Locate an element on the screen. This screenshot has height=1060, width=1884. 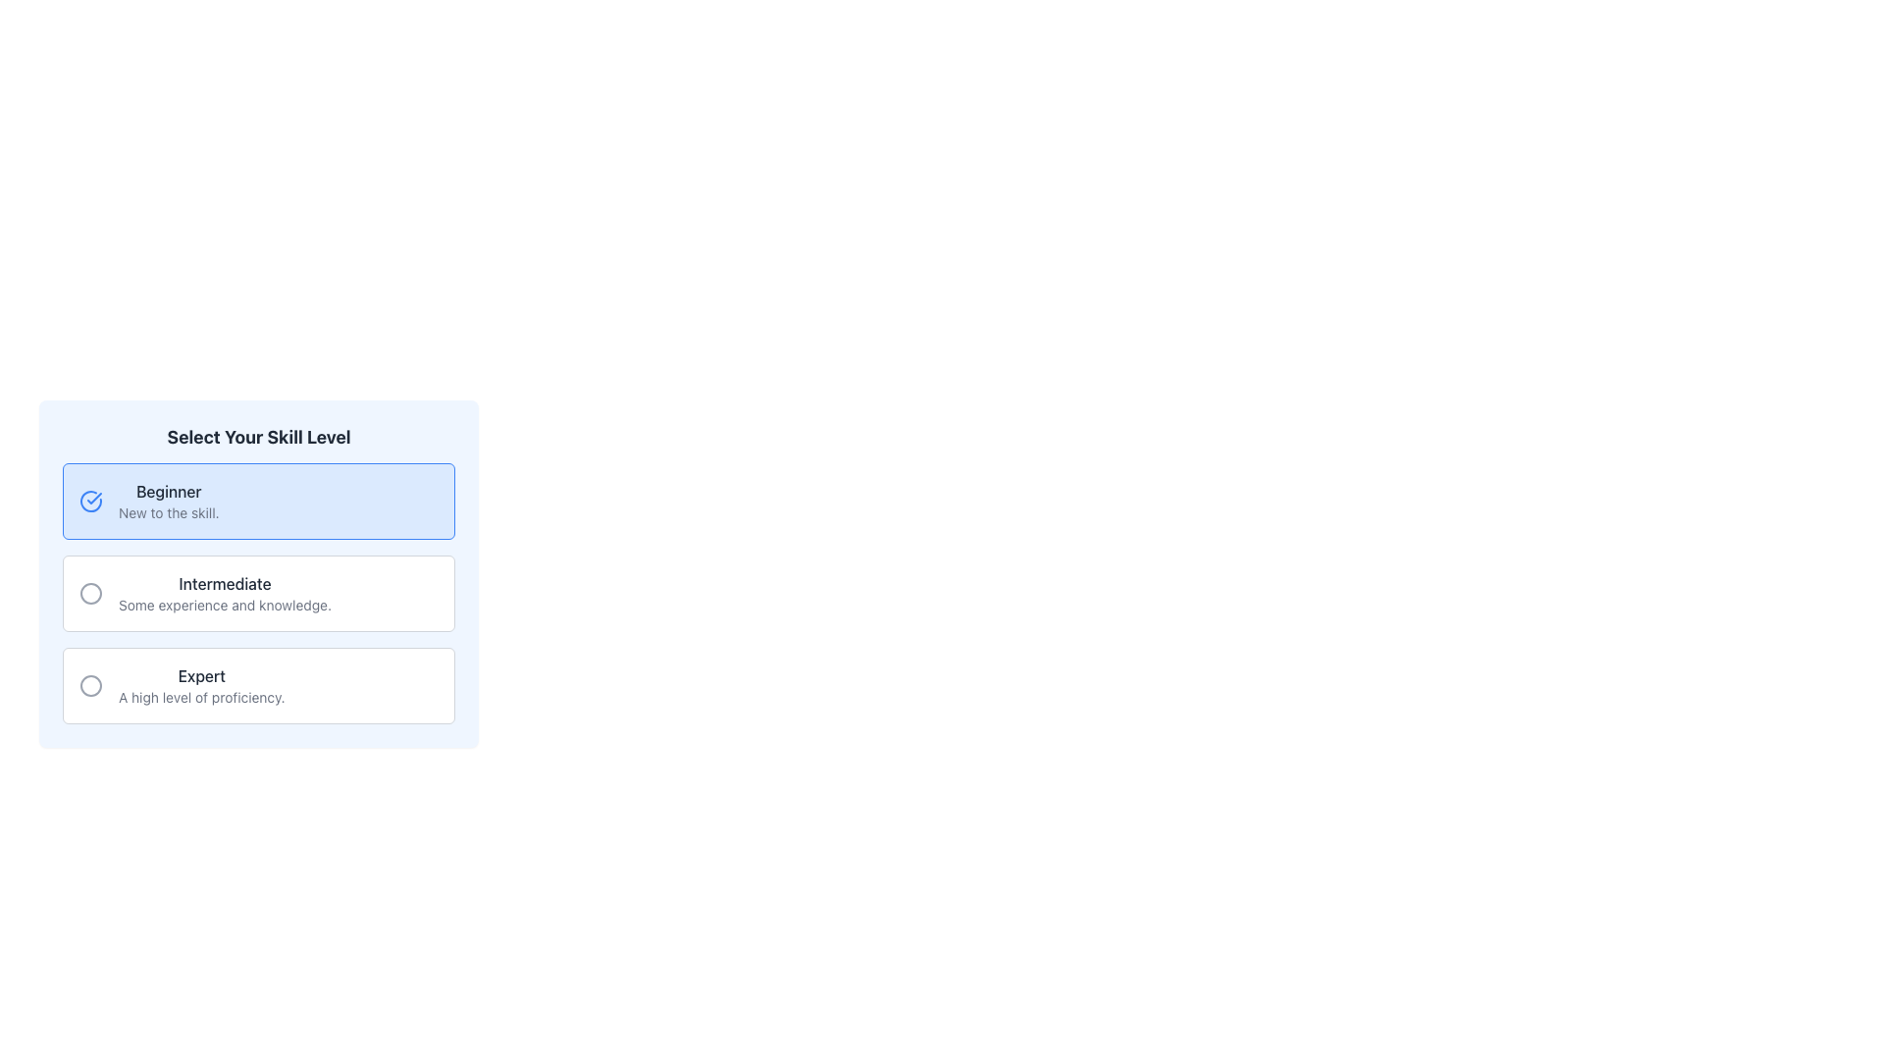
the Text Label that reads 'A high level of proficiency.' located directly beneath the 'Expert' heading in the 'Select Your Skill Level' section is located at coordinates (201, 696).